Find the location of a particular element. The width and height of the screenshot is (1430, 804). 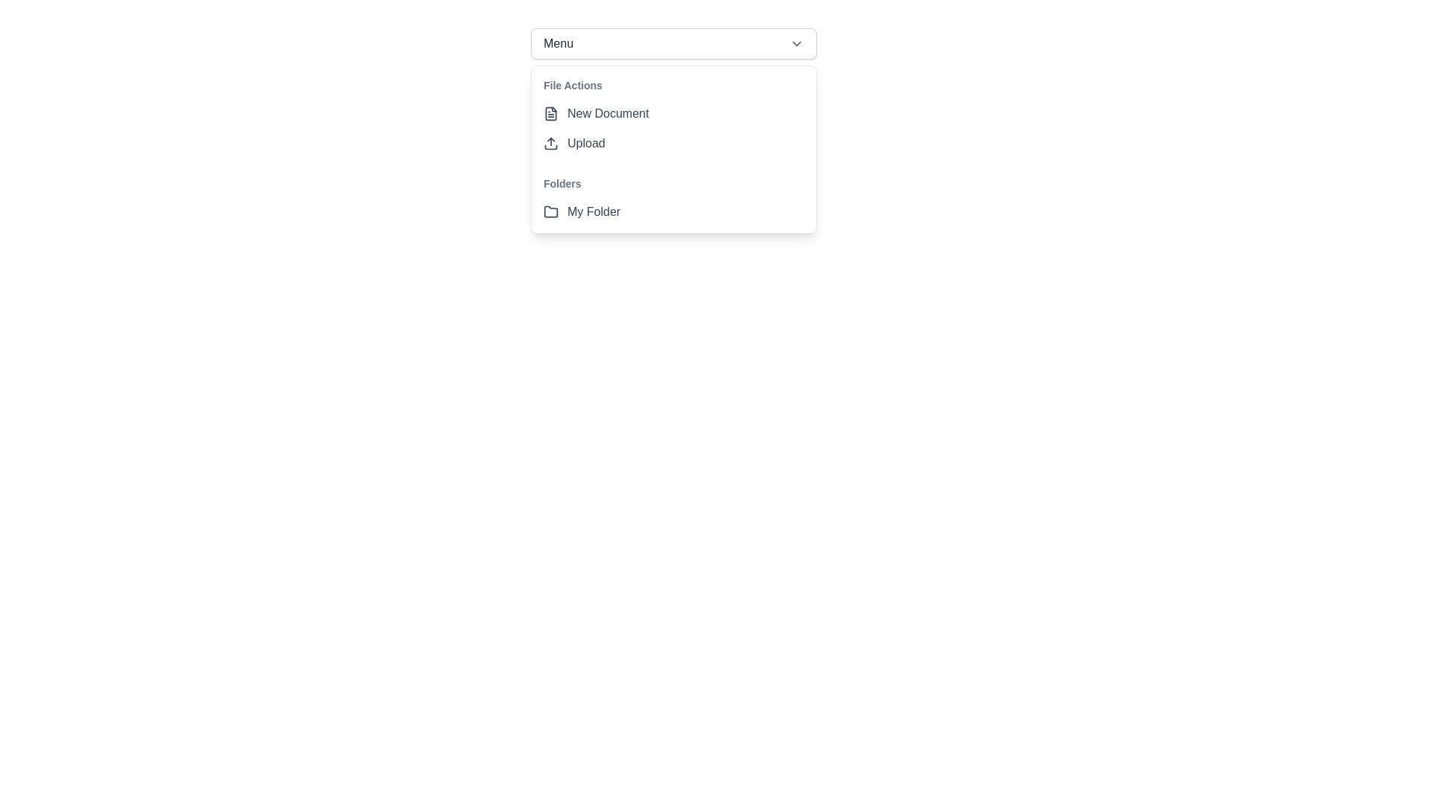

the folder icon located in the 'Folders' section of the dropdown menu, which serves as a visual cue for folder-related content or actions is located at coordinates (550, 211).